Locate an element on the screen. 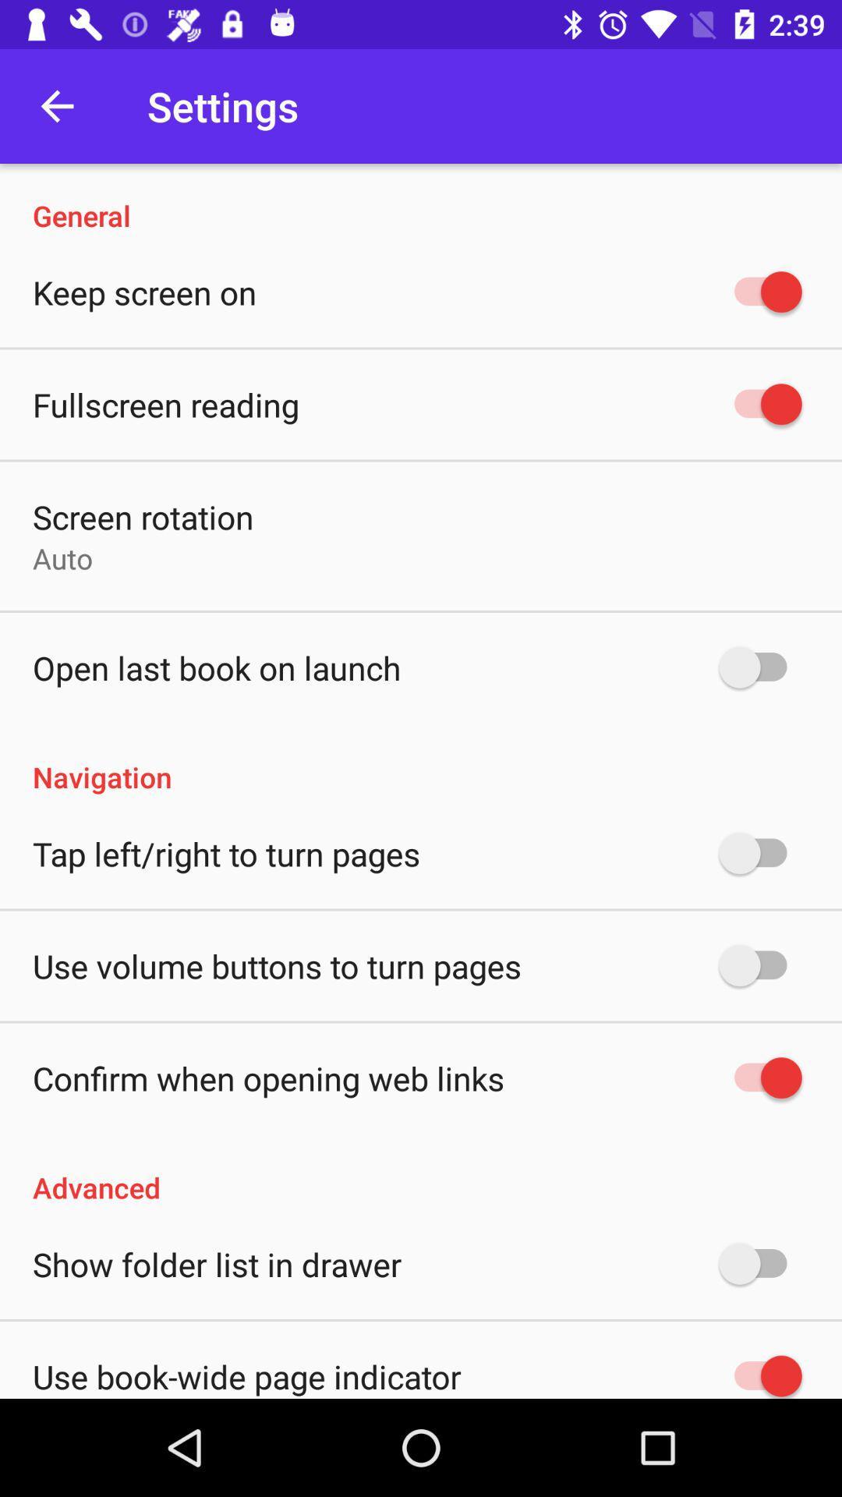 The width and height of the screenshot is (842, 1497). the auto is located at coordinates (62, 558).